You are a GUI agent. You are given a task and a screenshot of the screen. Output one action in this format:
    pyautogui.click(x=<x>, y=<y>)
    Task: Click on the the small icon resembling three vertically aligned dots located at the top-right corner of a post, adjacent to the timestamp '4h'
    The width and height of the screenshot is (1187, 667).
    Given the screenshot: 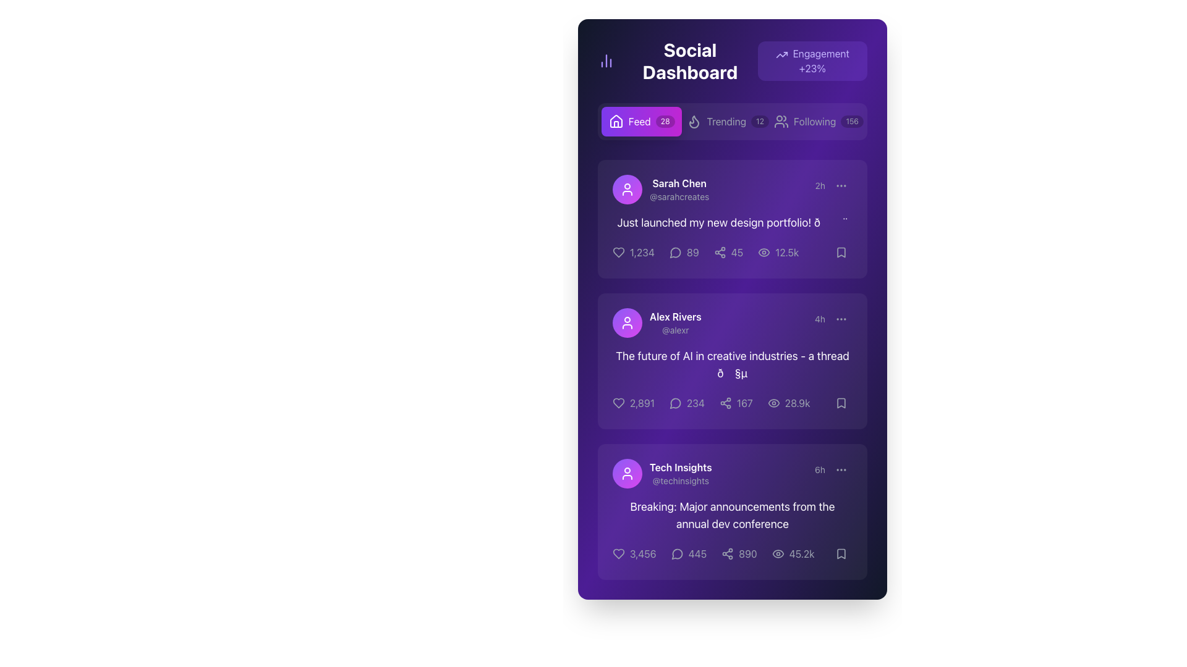 What is the action you would take?
    pyautogui.click(x=841, y=318)
    